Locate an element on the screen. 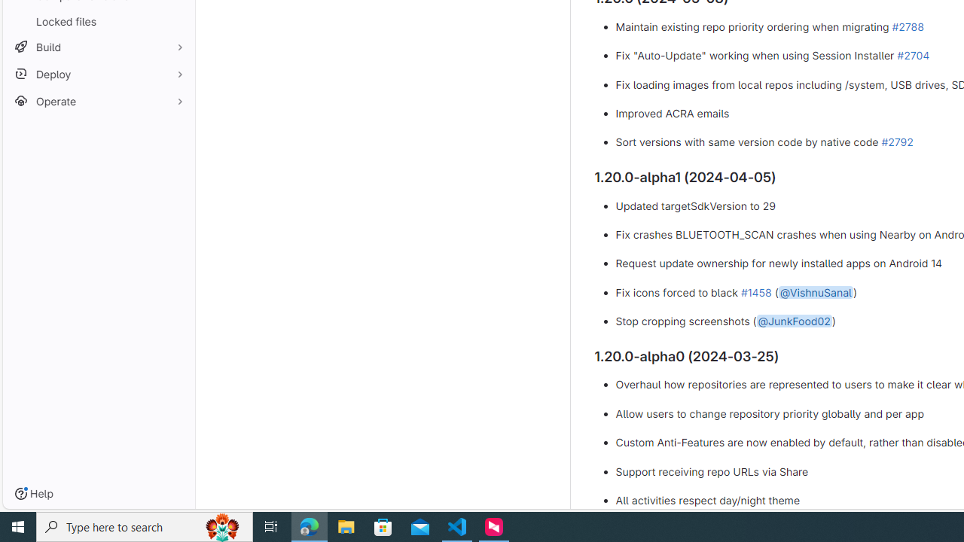 This screenshot has width=964, height=542. '#2704' is located at coordinates (912, 54).